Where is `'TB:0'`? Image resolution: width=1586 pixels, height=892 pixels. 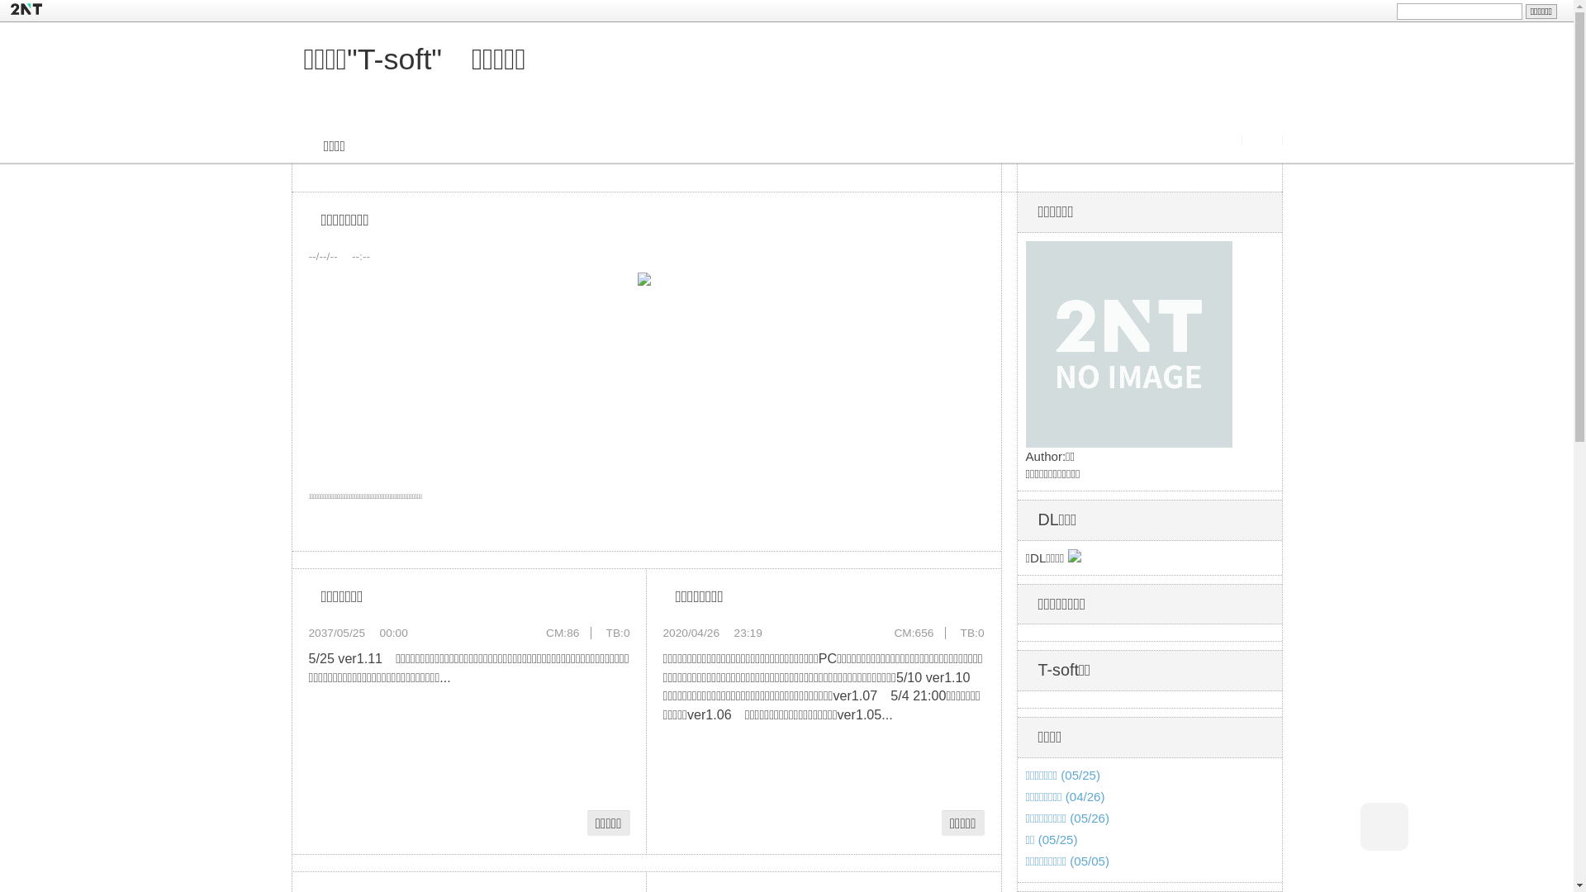
'TB:0' is located at coordinates (617, 632).